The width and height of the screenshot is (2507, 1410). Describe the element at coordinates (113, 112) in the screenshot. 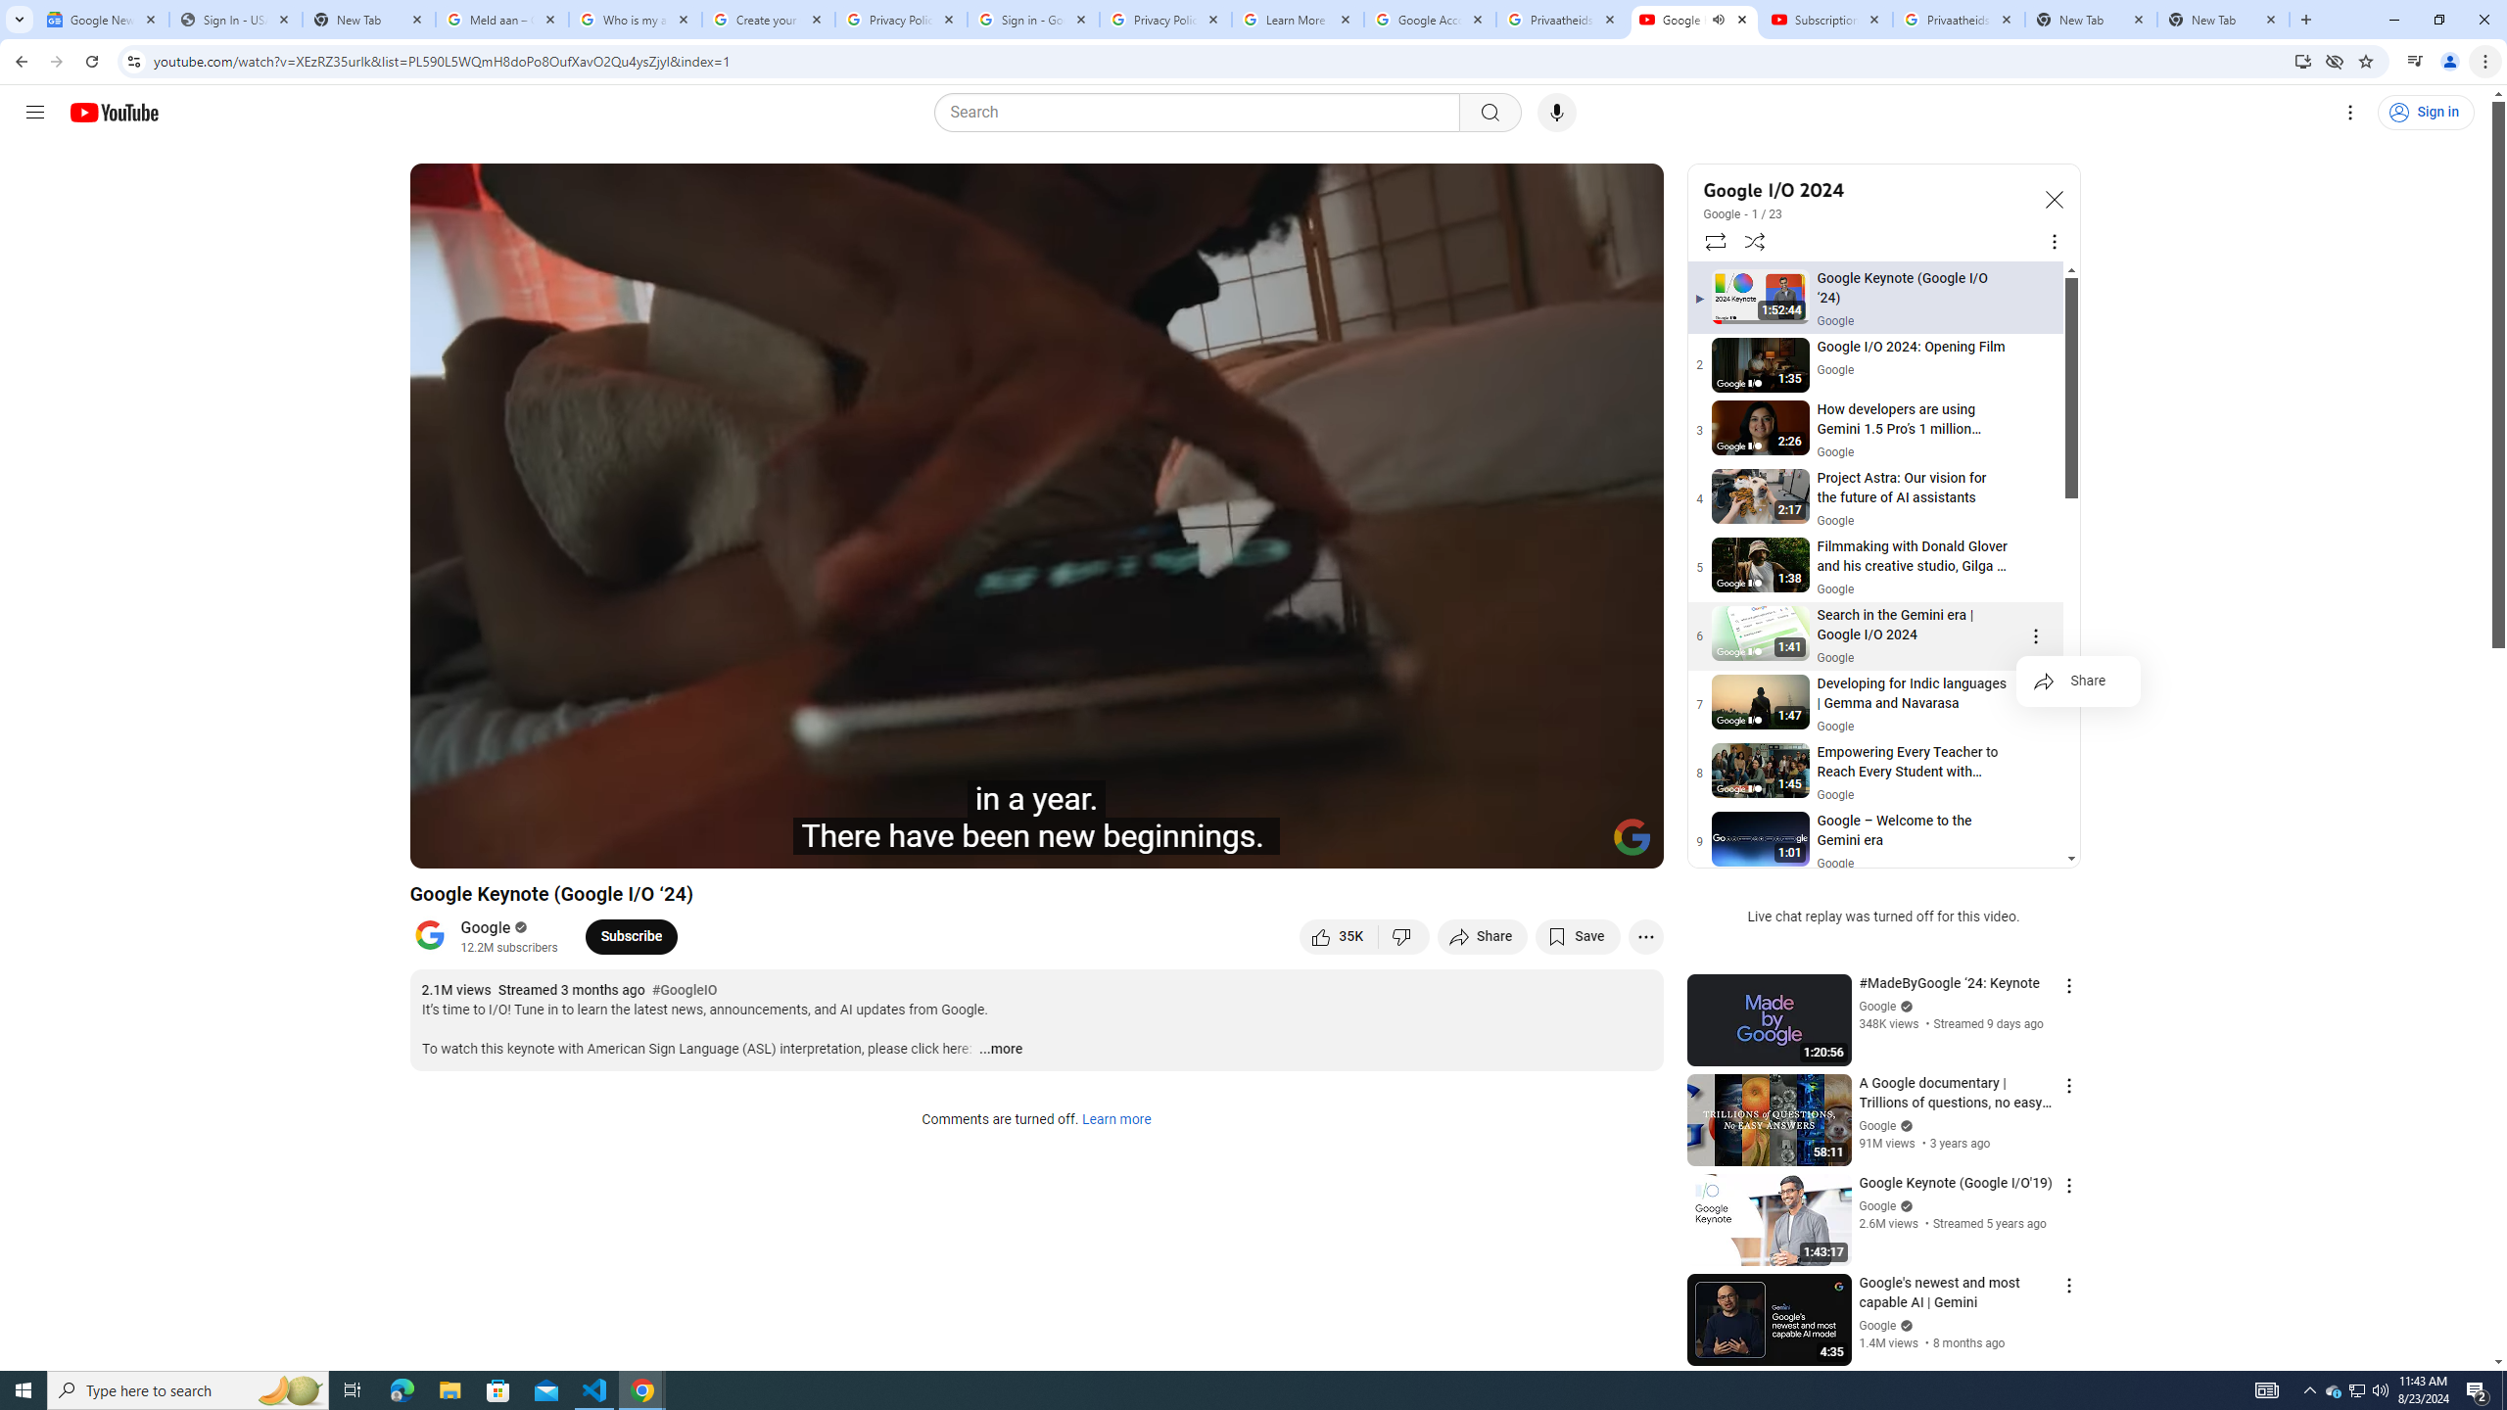

I see `'YouTube Home'` at that location.